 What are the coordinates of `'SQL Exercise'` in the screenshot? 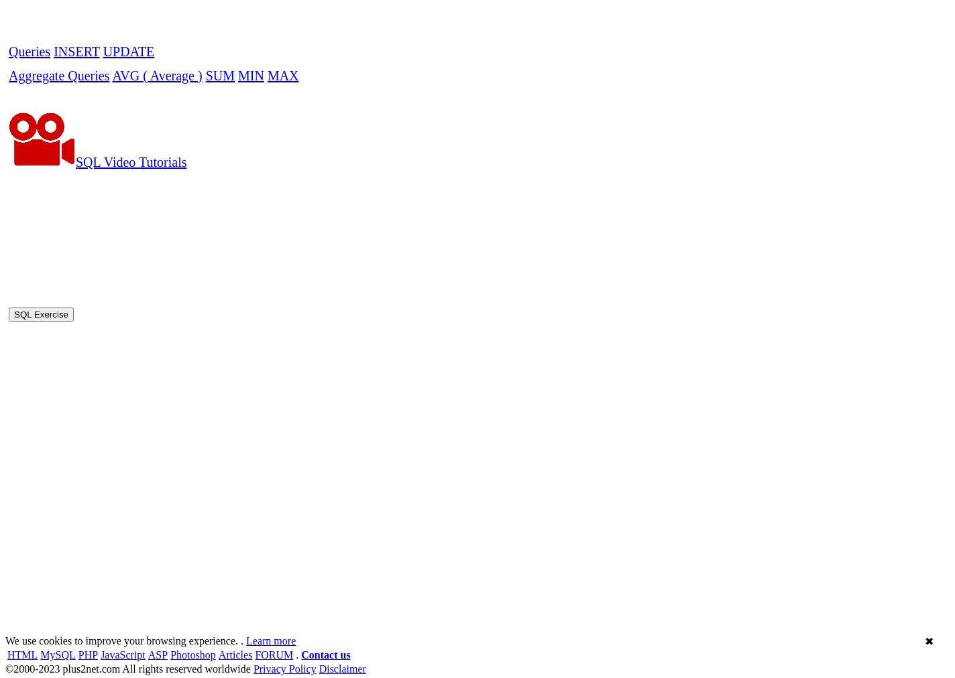 It's located at (13, 127).